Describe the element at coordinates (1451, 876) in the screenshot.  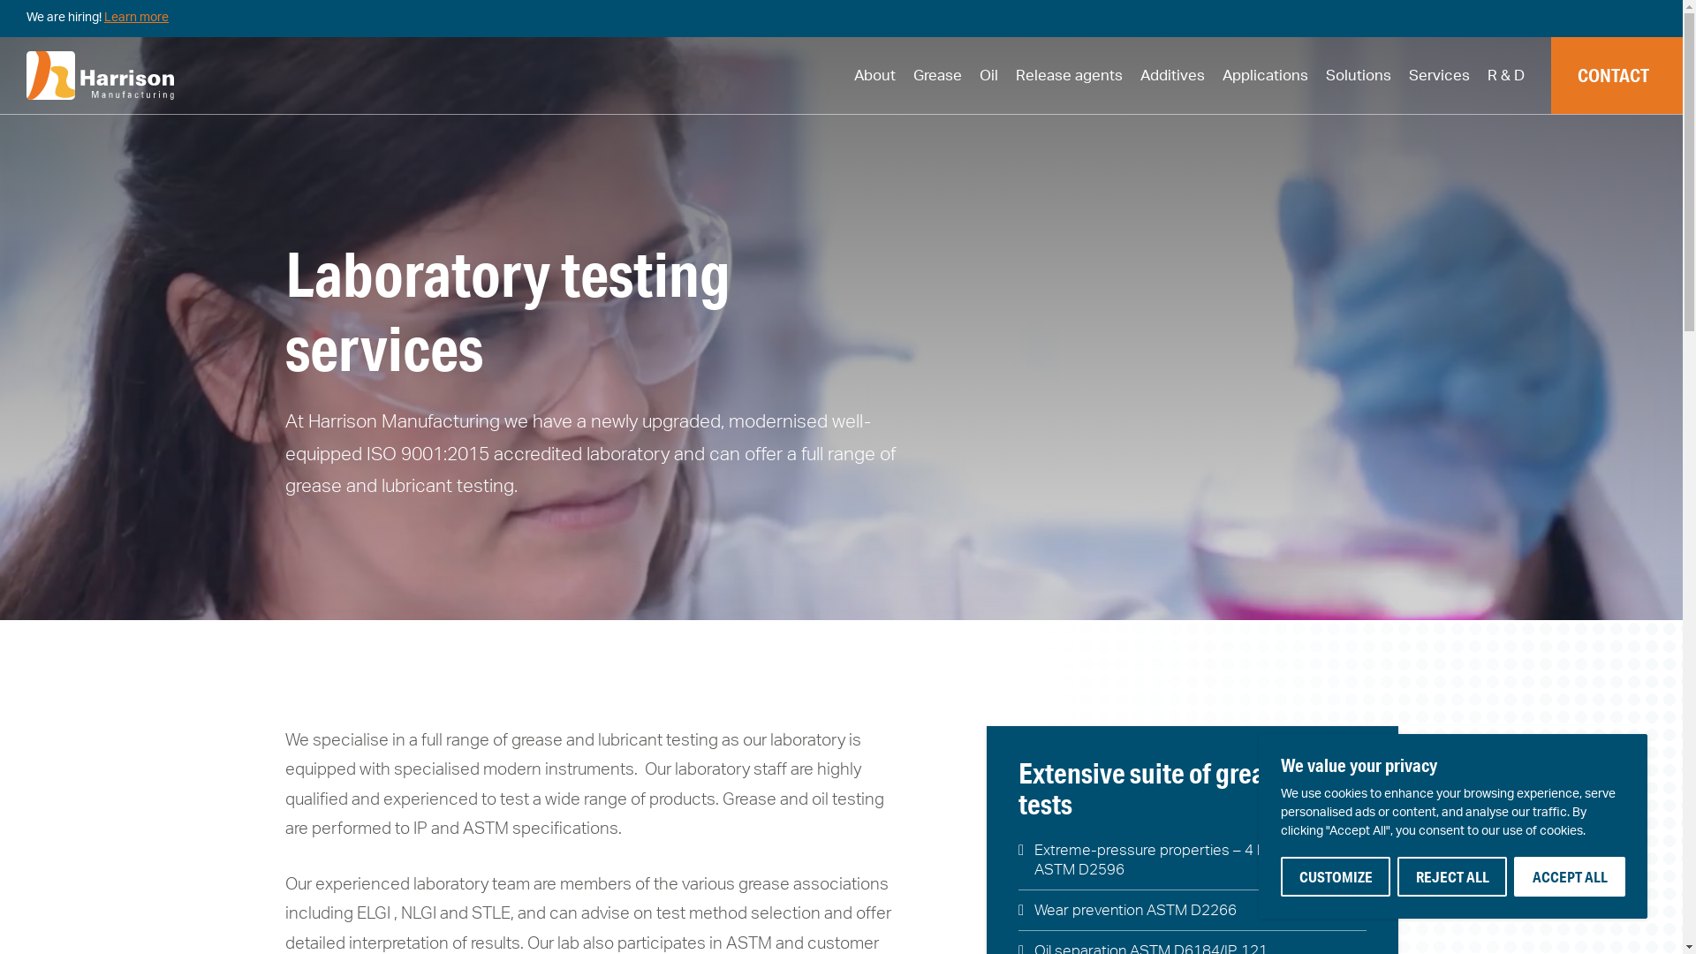
I see `'REJECT ALL'` at that location.